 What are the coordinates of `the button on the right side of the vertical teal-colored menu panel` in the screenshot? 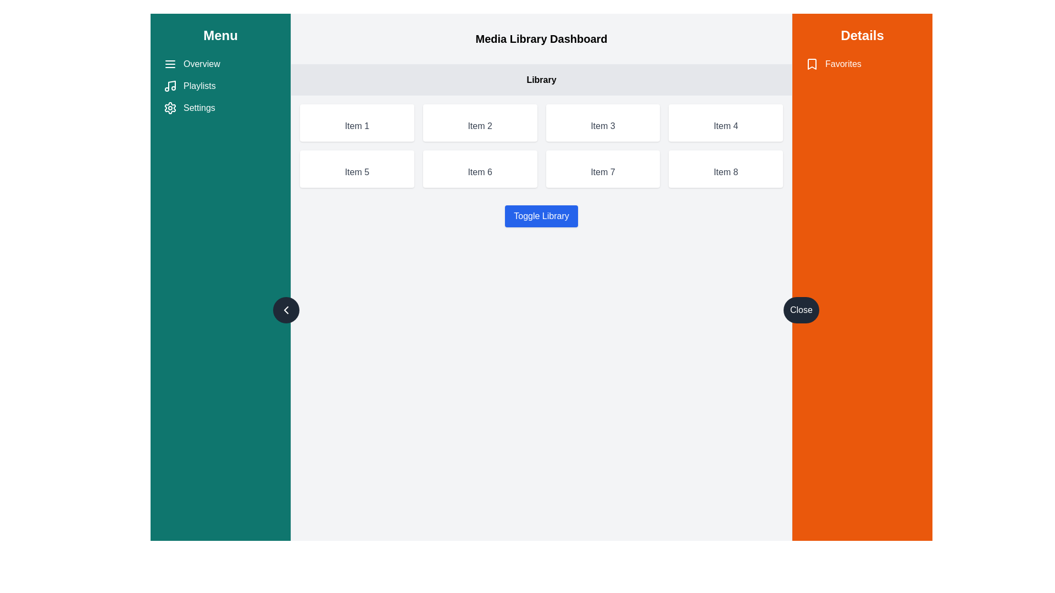 It's located at (286, 310).